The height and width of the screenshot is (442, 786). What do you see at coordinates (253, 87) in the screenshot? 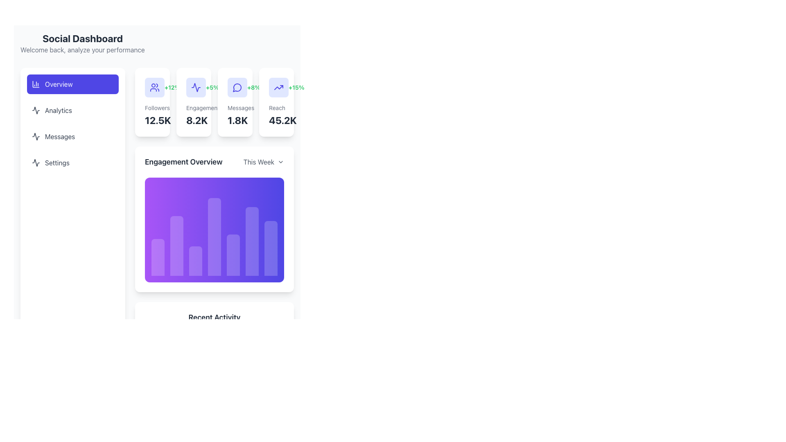
I see `the green text indicating a +8% increase related to messages, located in the 'Messages' card above the number '1.8K'` at bounding box center [253, 87].